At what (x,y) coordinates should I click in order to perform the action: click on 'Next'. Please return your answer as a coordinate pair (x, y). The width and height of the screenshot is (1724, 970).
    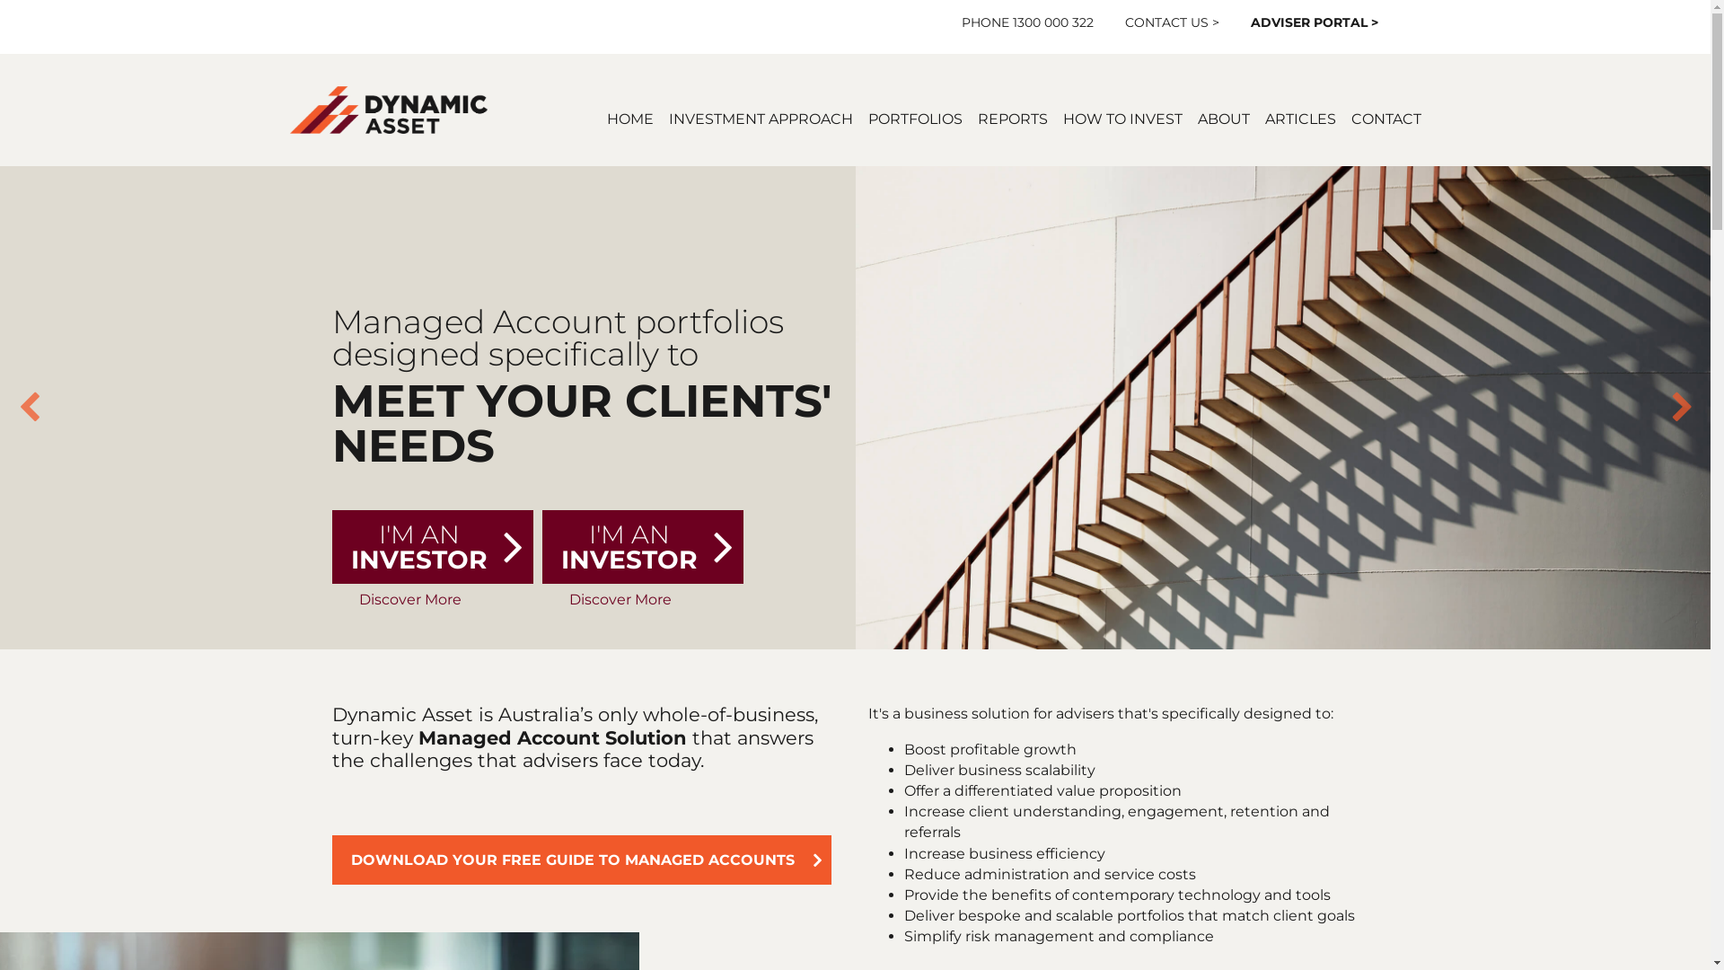
    Looking at the image, I should click on (1670, 408).